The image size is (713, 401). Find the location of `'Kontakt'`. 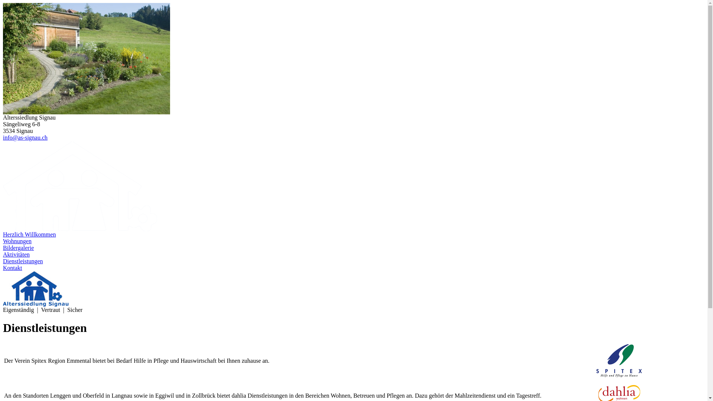

'Kontakt' is located at coordinates (12, 268).